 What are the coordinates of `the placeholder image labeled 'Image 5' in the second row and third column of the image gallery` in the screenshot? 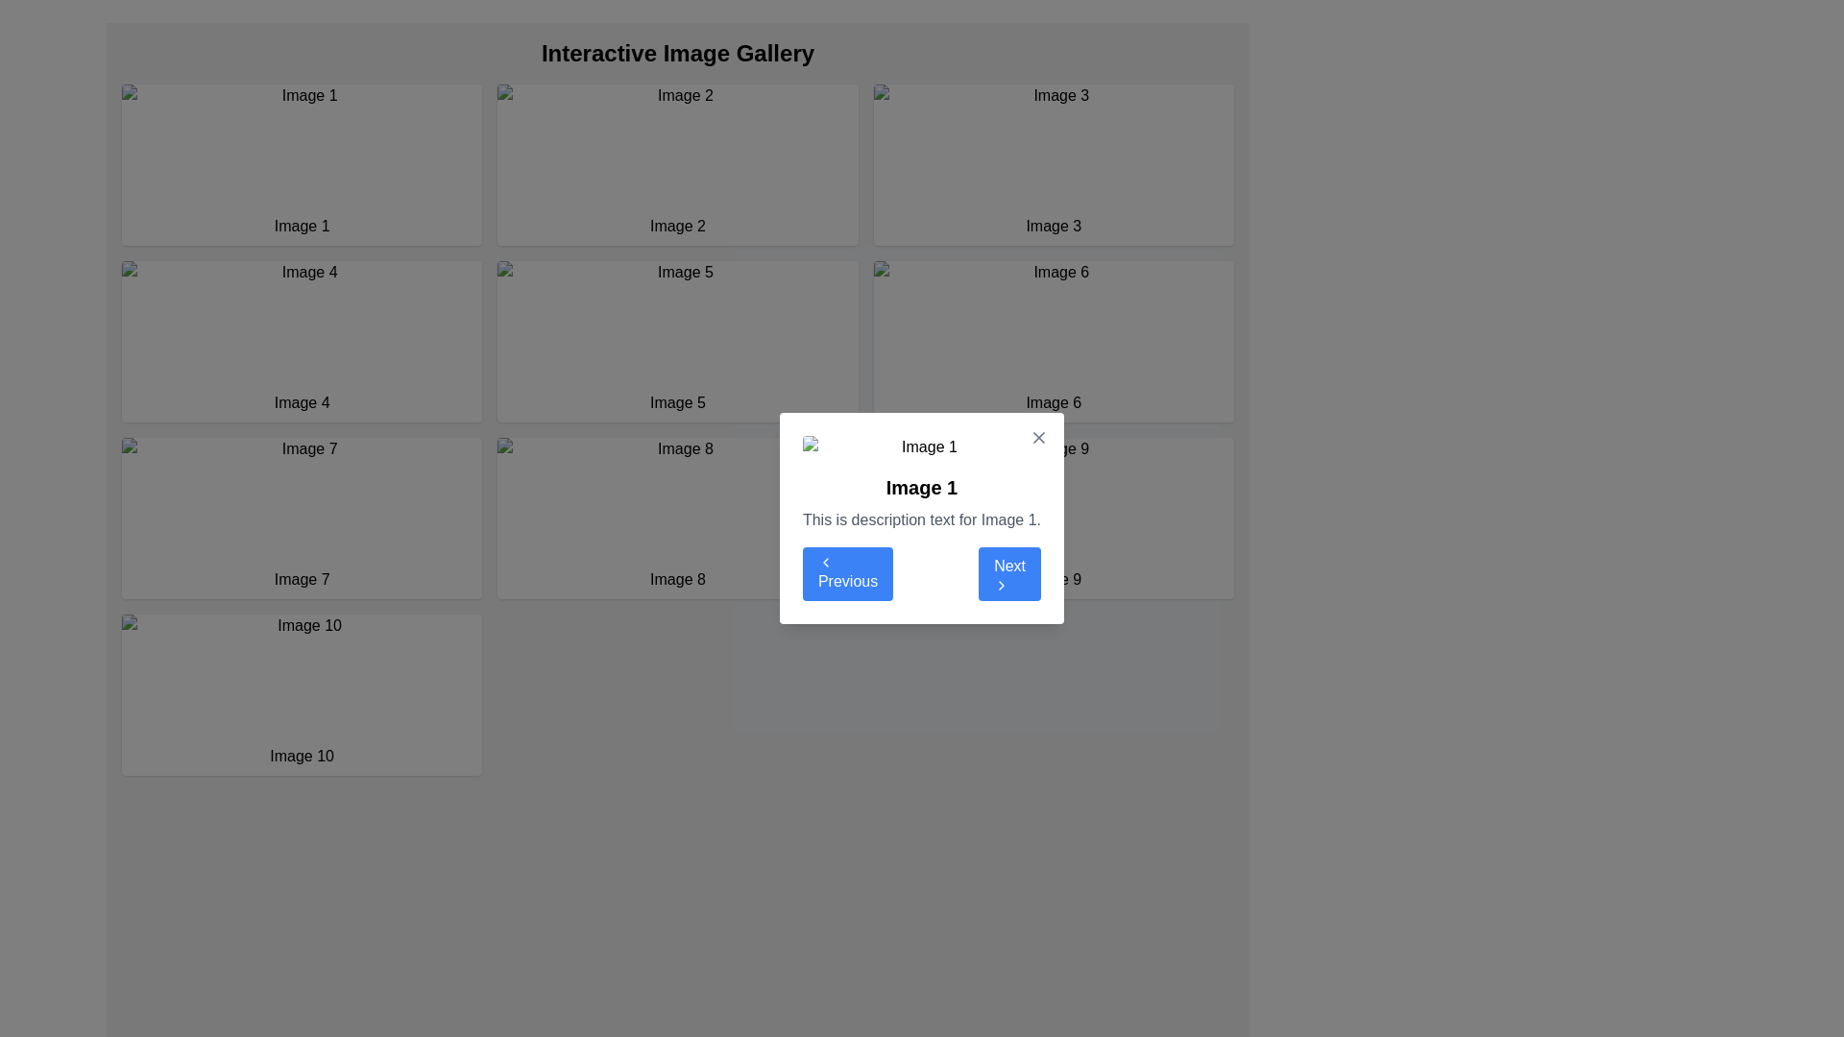 It's located at (677, 321).